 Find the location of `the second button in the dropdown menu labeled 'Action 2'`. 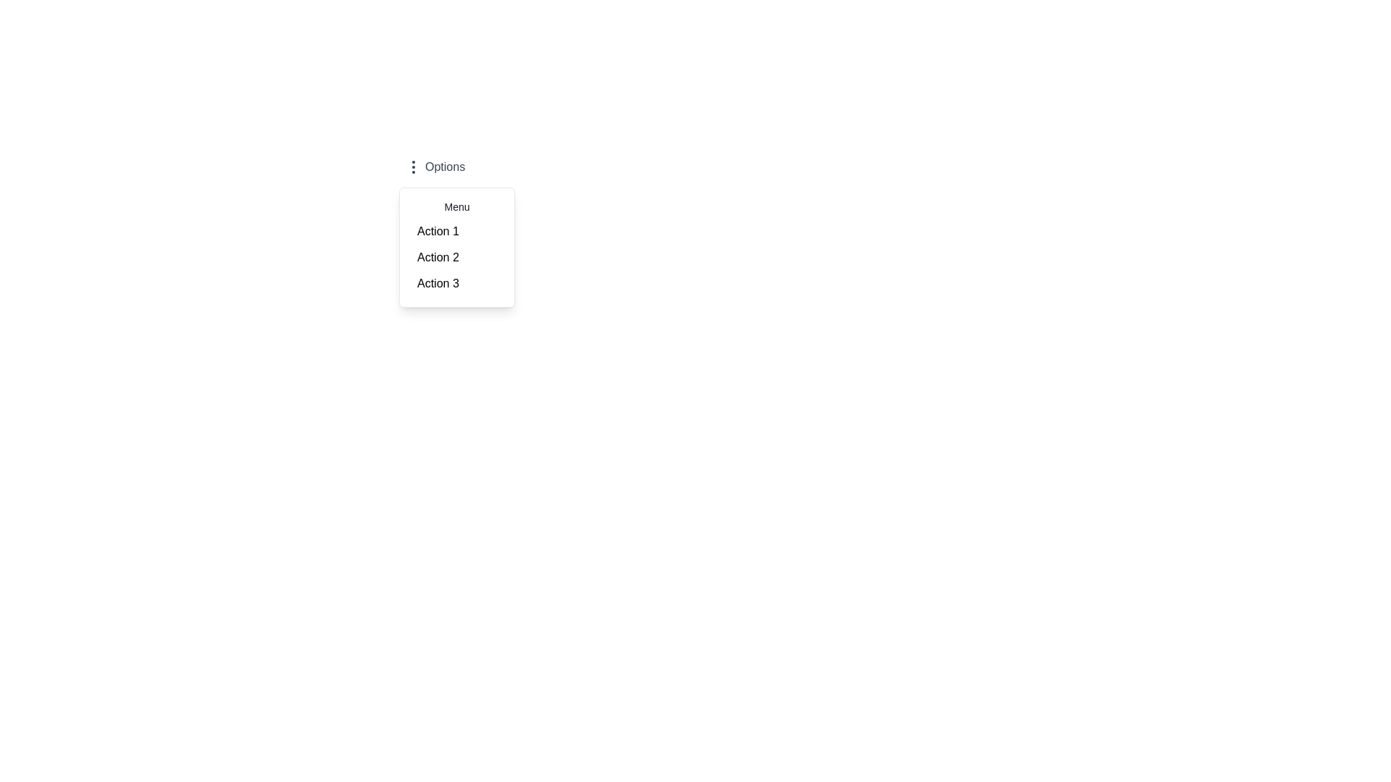

the second button in the dropdown menu labeled 'Action 2' is located at coordinates (456, 256).